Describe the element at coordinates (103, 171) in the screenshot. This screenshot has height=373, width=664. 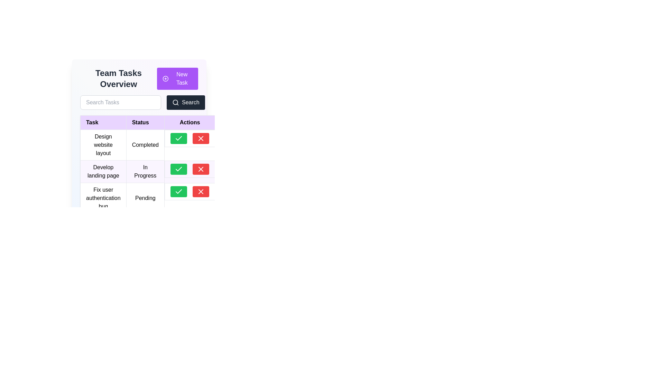
I see `the text label representing a task in the second row of the task overview table under the 'Task' column` at that location.